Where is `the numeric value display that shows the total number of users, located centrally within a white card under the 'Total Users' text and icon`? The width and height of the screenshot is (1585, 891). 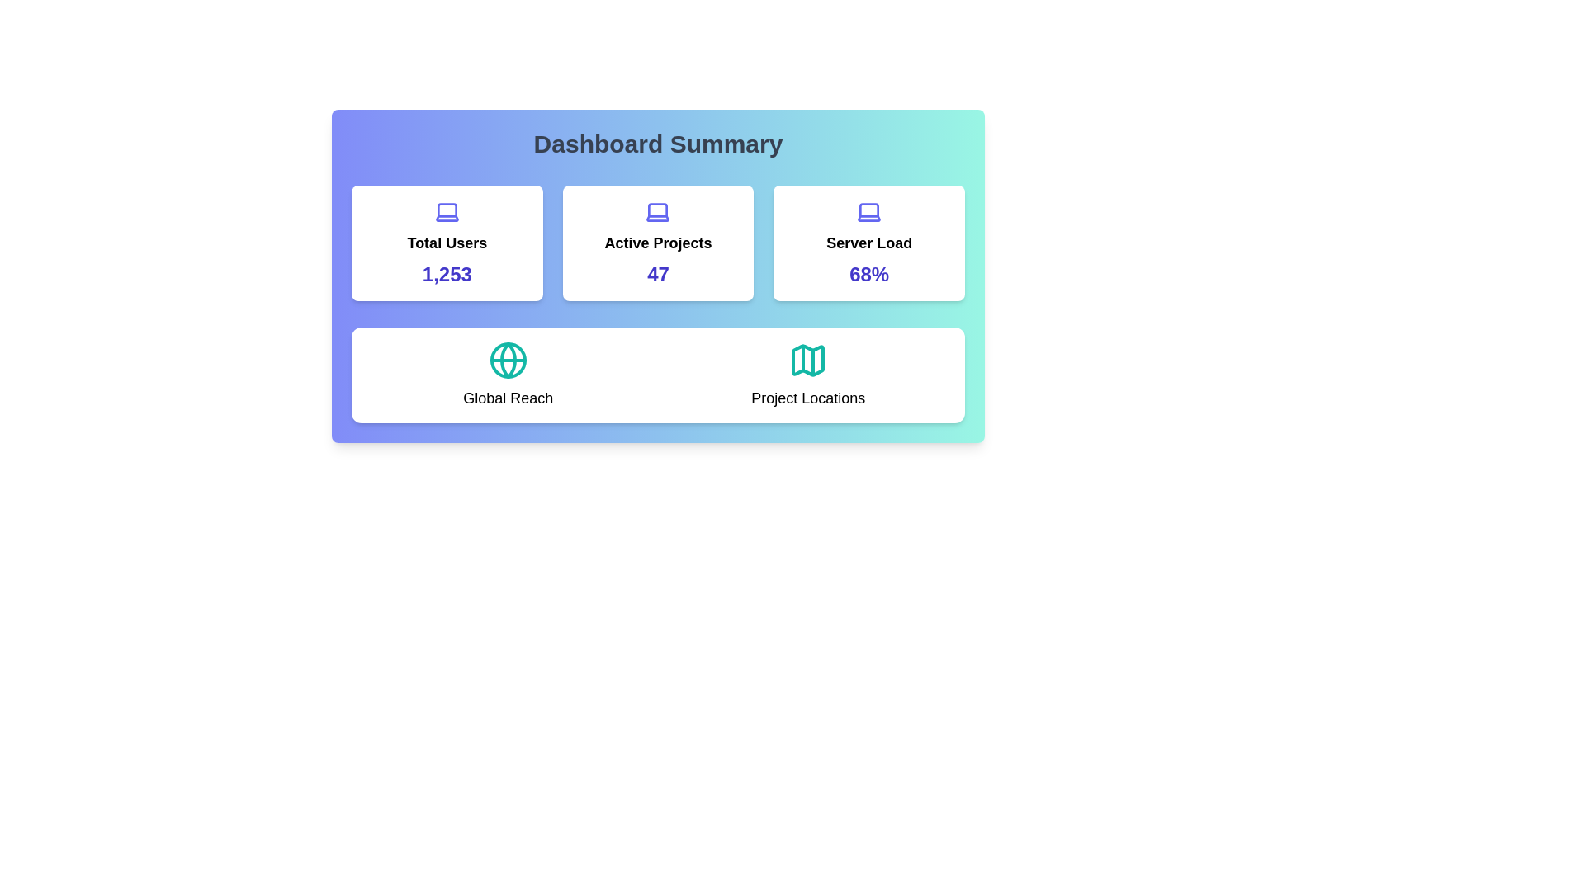 the numeric value display that shows the total number of users, located centrally within a white card under the 'Total Users' text and icon is located at coordinates (447, 273).